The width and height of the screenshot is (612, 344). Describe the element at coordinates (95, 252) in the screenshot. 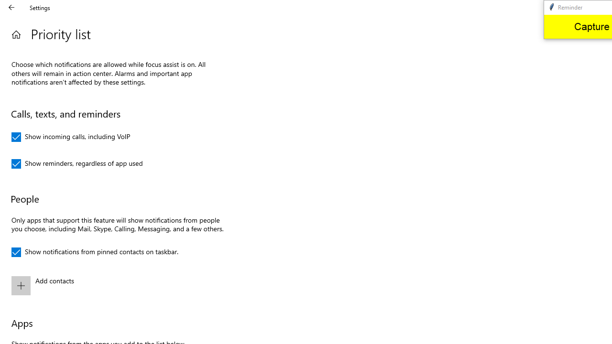

I see `'Show notifications from pinned contacts on taskbar.'` at that location.